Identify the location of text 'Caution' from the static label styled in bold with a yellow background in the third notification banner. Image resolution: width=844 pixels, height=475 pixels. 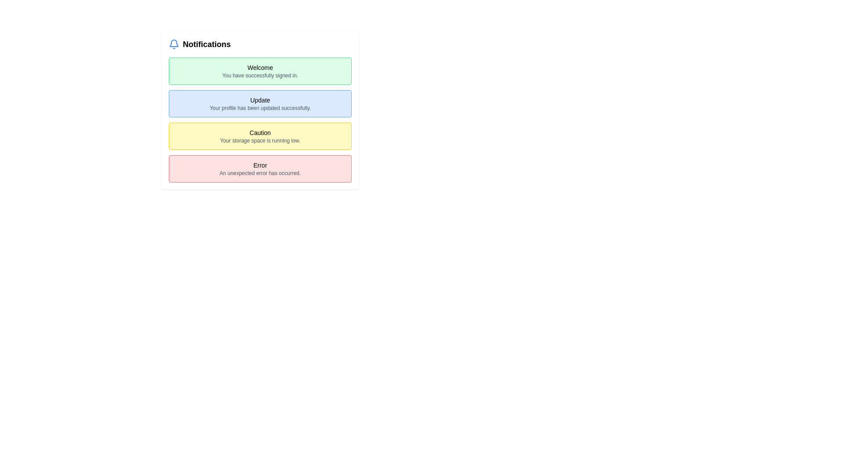
(259, 132).